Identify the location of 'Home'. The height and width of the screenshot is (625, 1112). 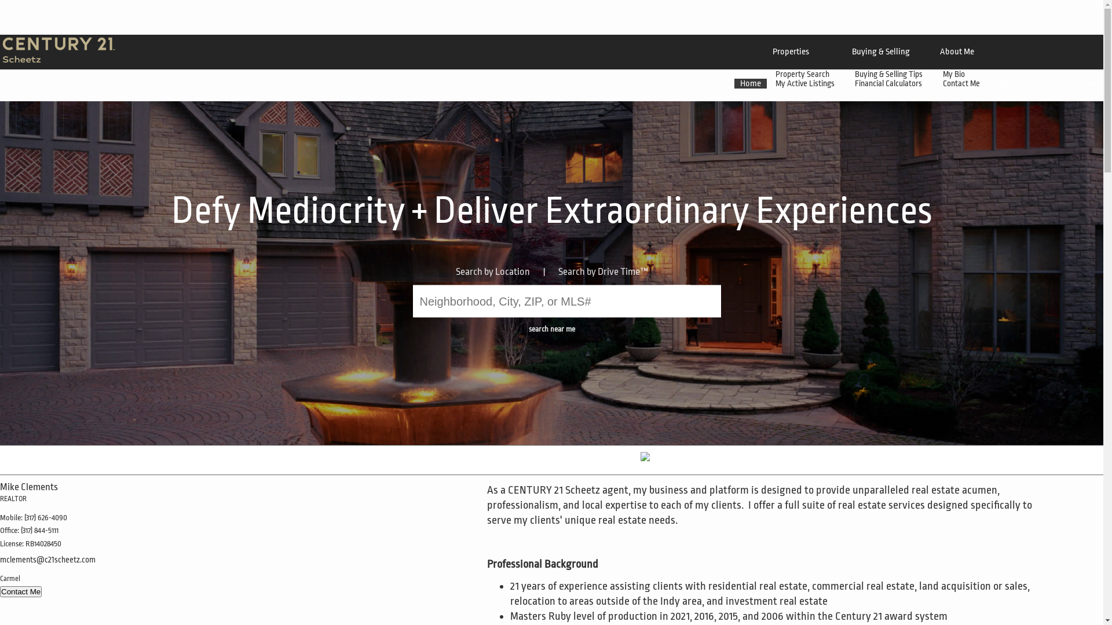
(751, 83).